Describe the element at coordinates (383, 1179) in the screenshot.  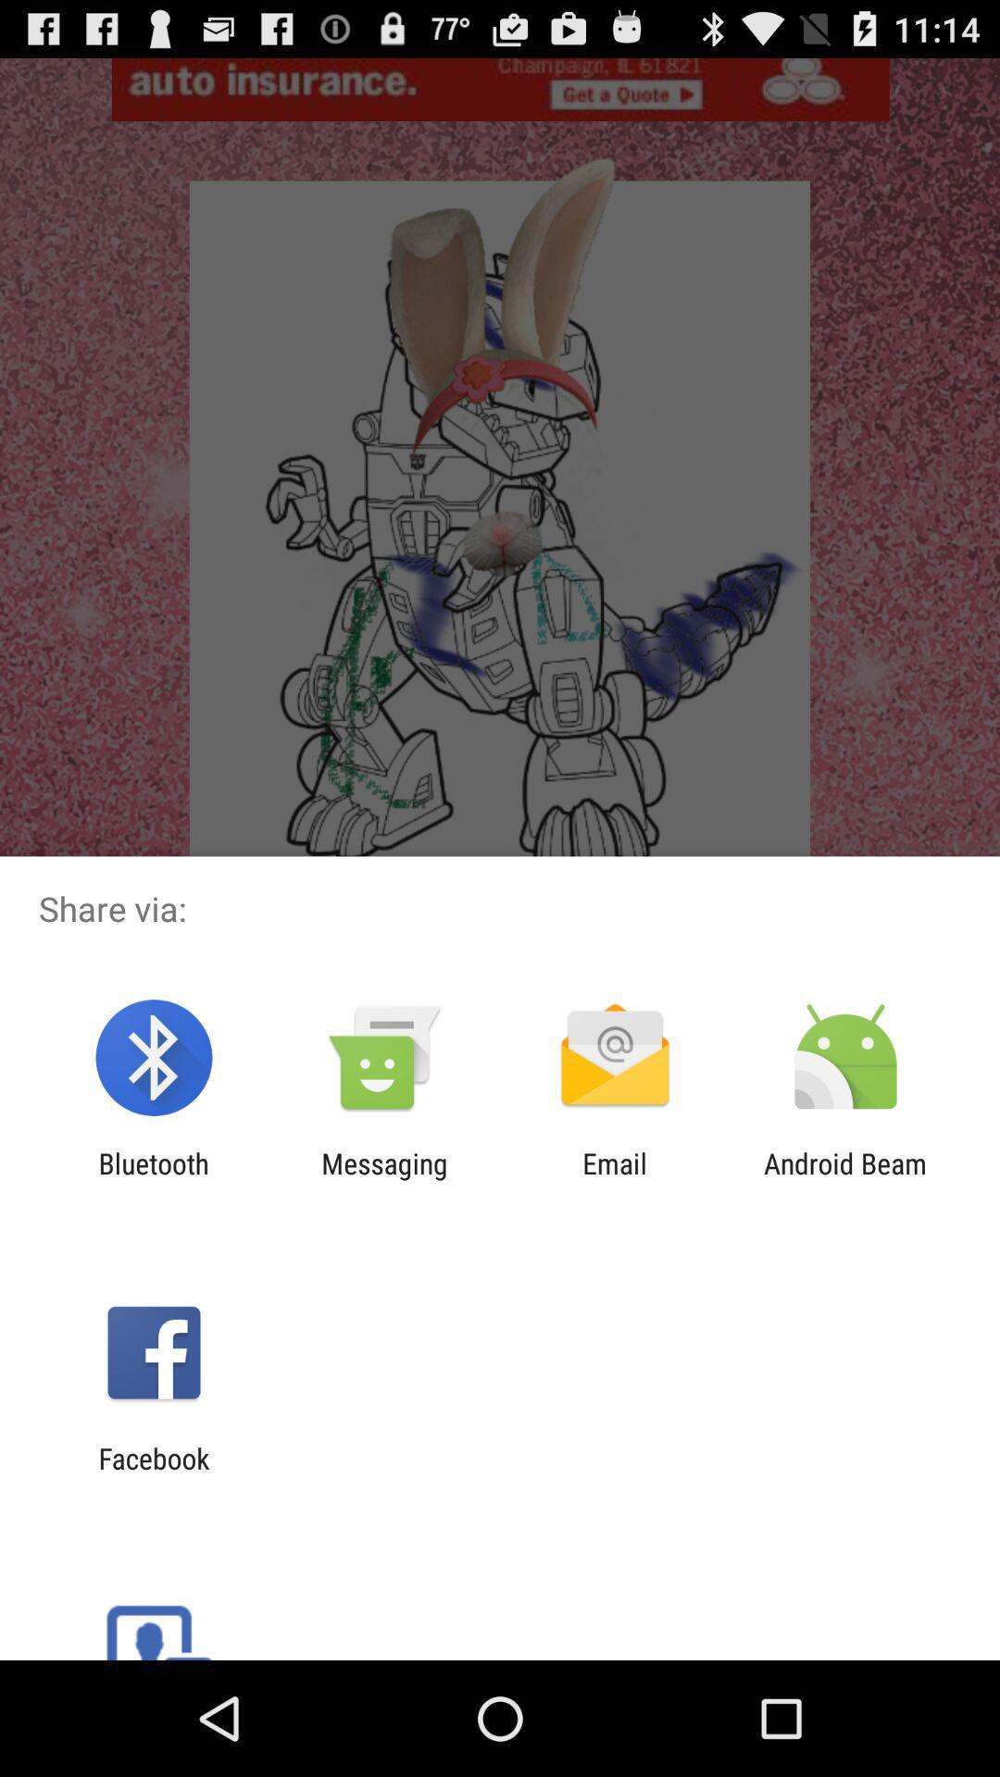
I see `item to the left of the email app` at that location.